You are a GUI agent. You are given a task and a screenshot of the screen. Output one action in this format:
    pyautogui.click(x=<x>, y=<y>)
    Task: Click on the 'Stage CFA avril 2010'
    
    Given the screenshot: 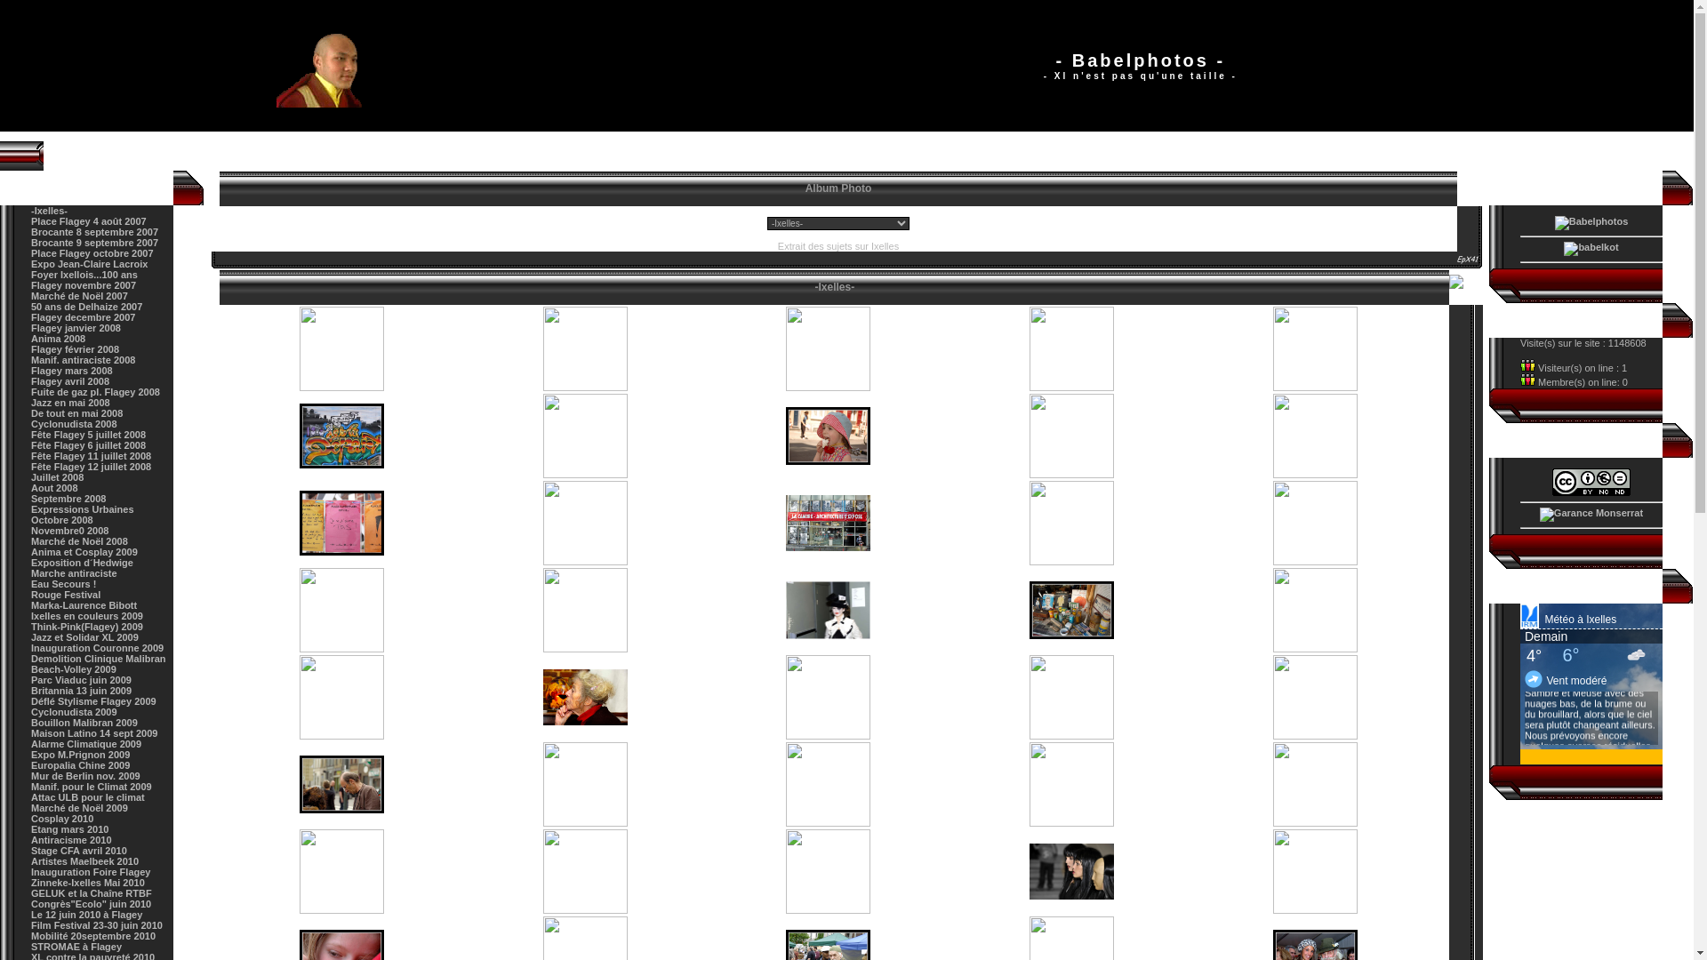 What is the action you would take?
    pyautogui.click(x=30, y=849)
    